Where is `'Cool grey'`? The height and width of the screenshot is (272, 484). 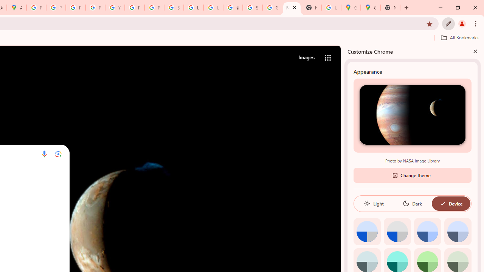
'Cool grey' is located at coordinates (457, 231).